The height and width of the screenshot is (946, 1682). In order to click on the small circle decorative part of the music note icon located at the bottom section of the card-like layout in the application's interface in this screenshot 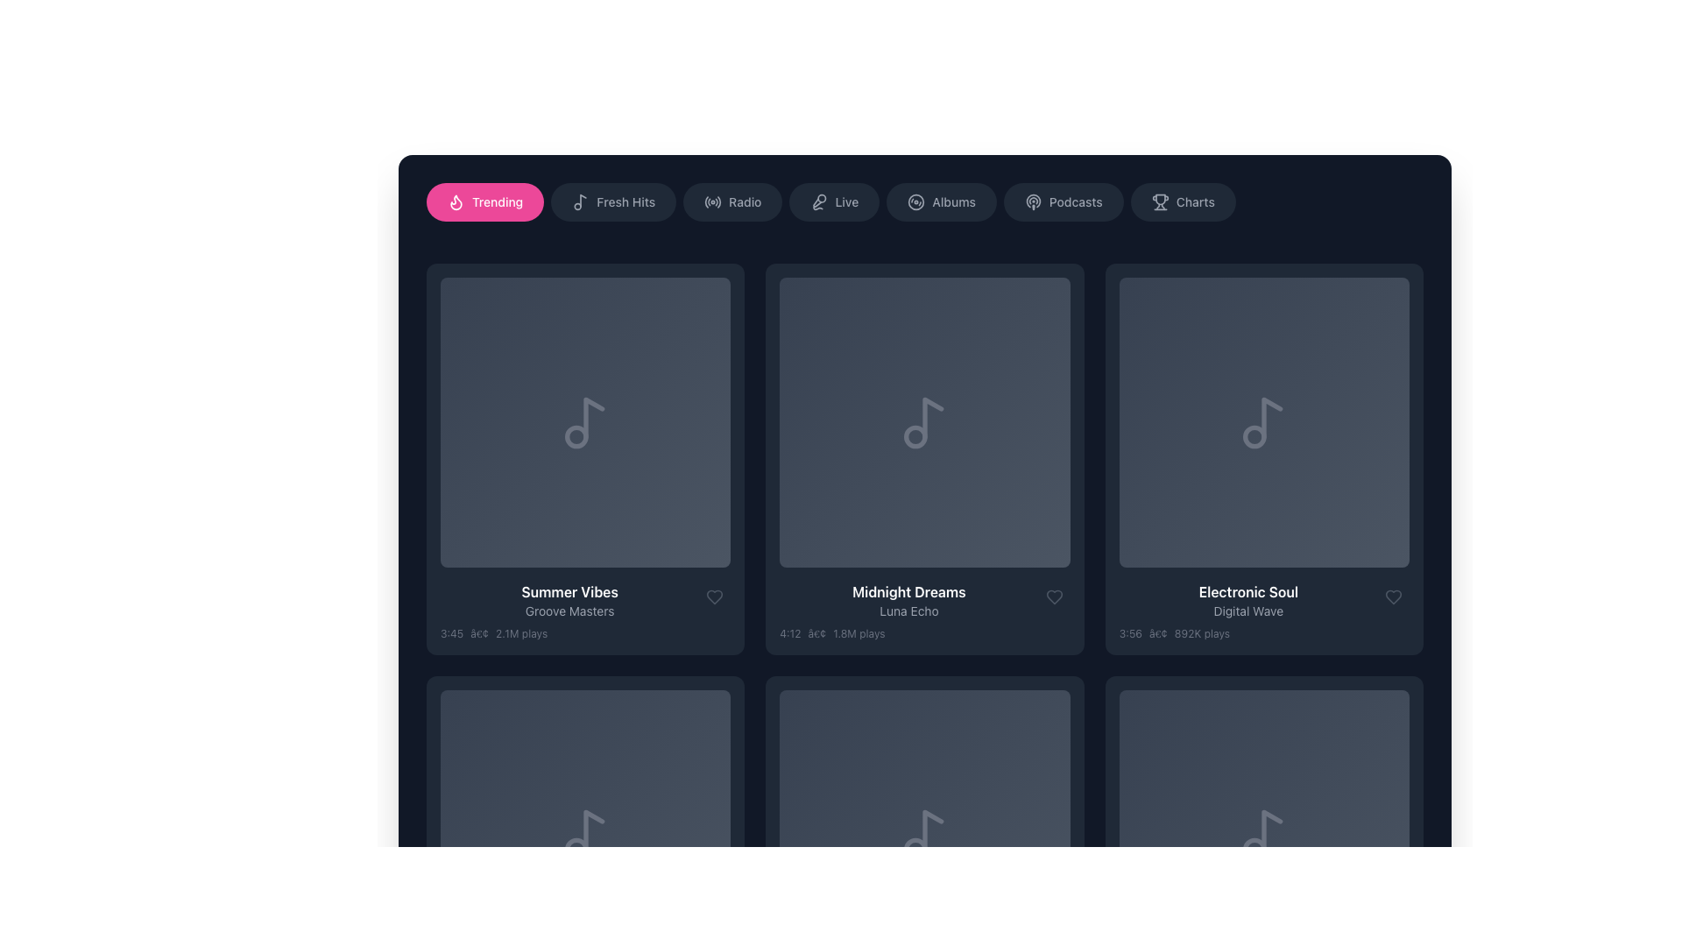, I will do `click(576, 848)`.